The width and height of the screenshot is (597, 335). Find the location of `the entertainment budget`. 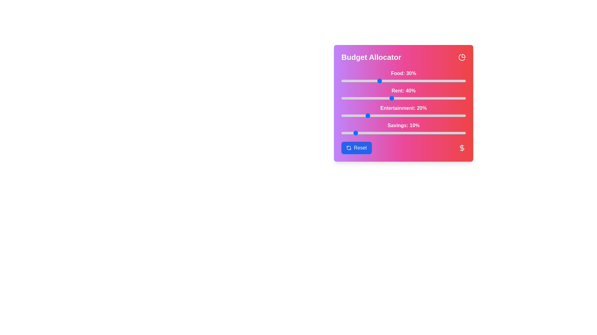

the entertainment budget is located at coordinates (425, 116).